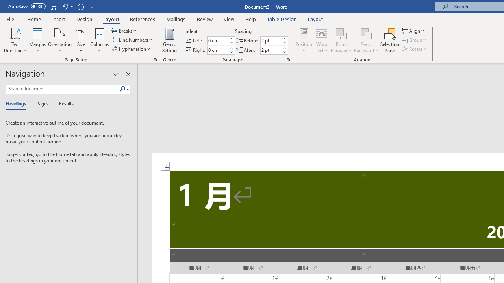  I want to click on 'Orientation', so click(59, 40).